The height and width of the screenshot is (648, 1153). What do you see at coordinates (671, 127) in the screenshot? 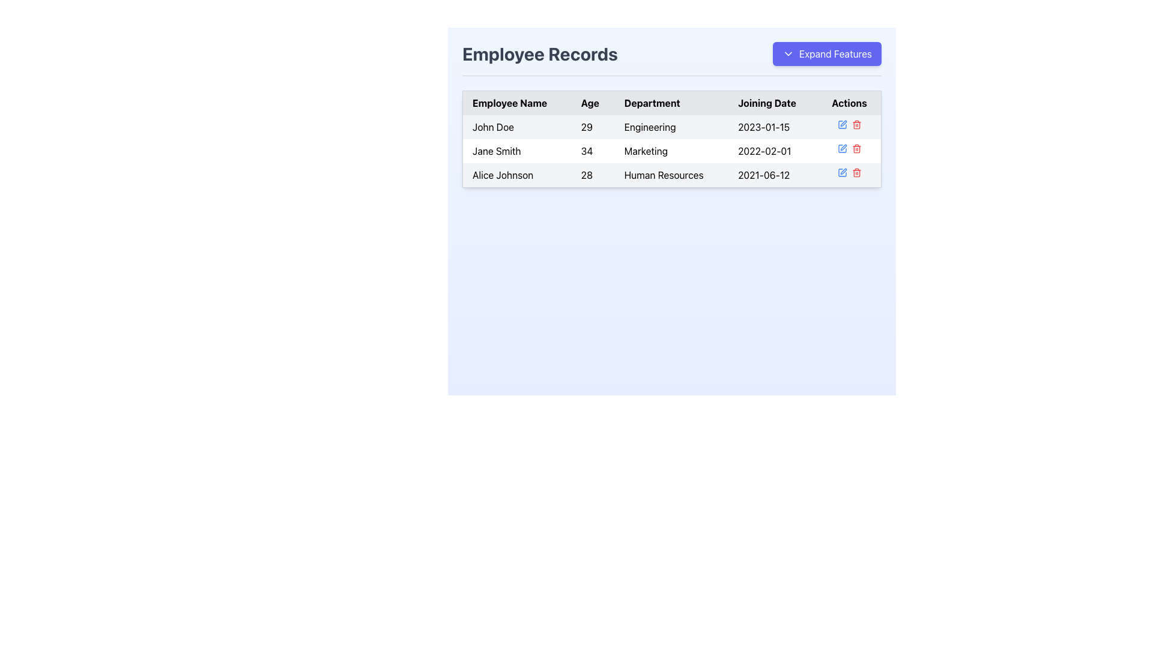
I see `the first table row representing the employee 'John Doe'` at bounding box center [671, 127].